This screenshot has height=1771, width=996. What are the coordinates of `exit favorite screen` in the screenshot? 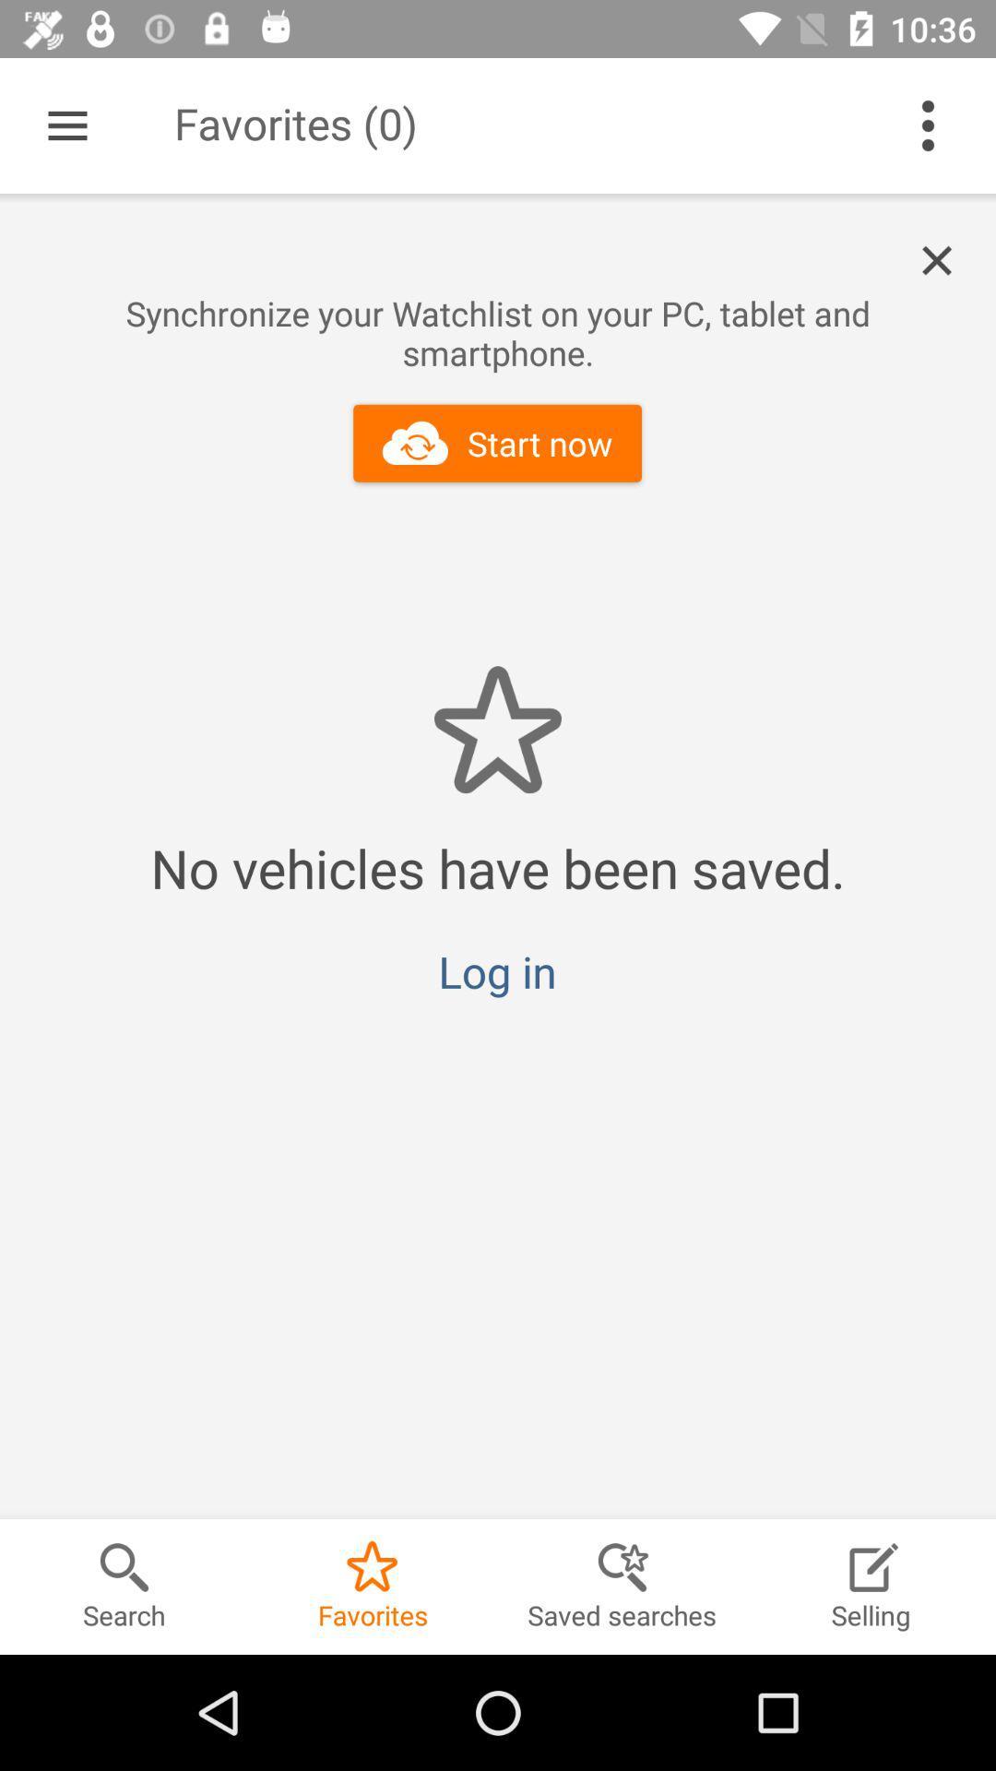 It's located at (947, 260).